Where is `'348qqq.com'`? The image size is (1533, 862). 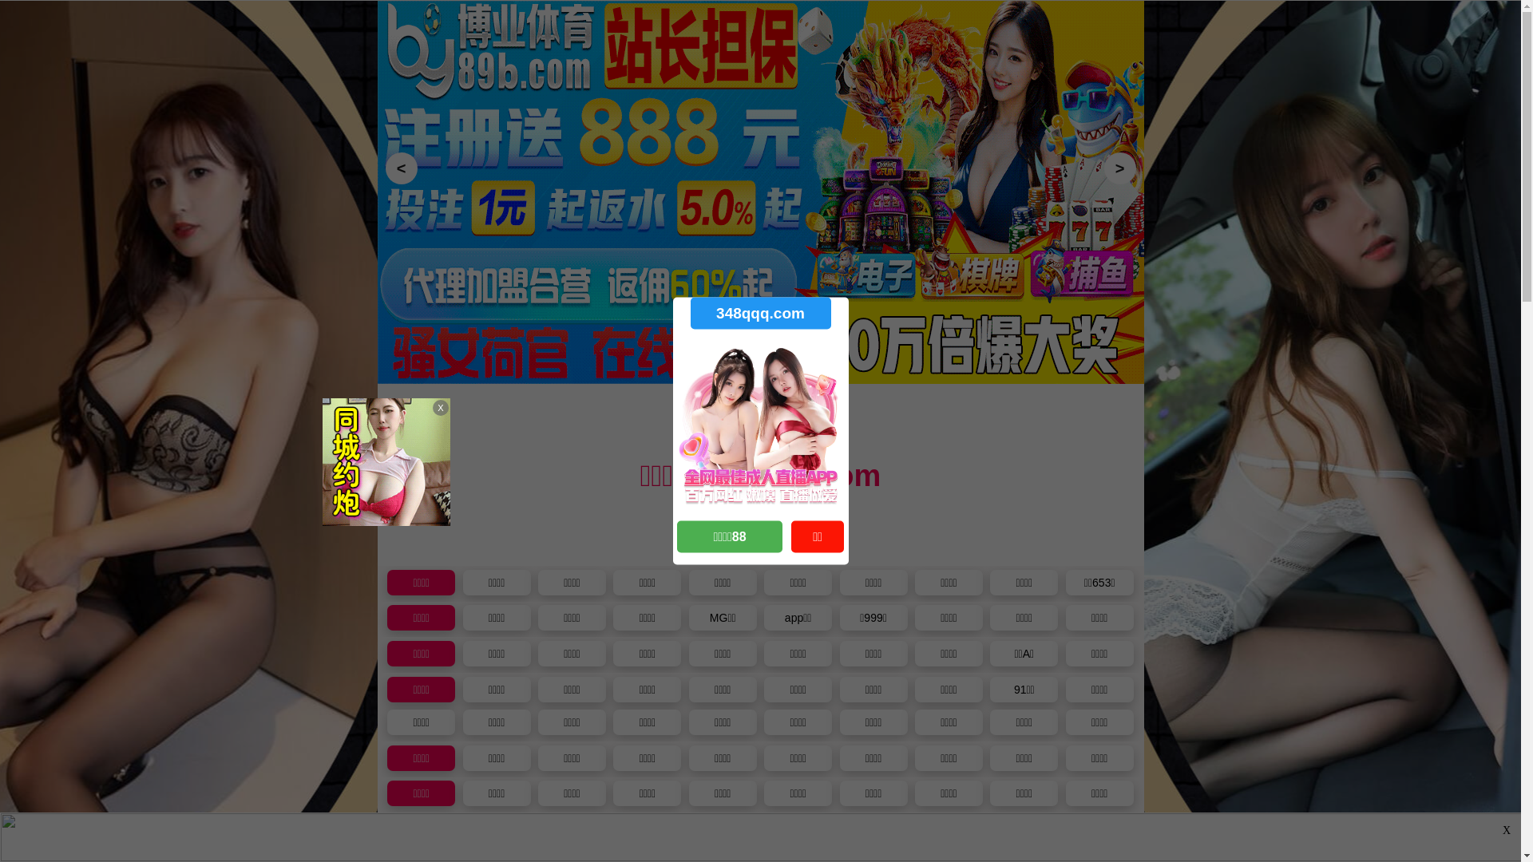
'348qqq.com' is located at coordinates (759, 313).